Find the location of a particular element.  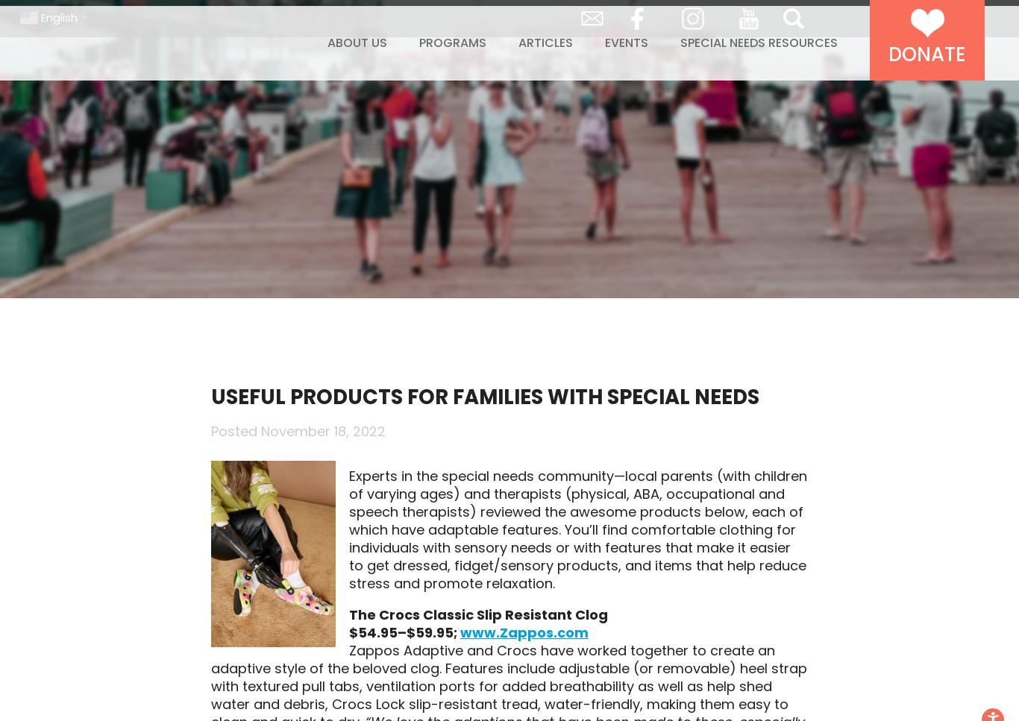

'Articles' is located at coordinates (518, 74).